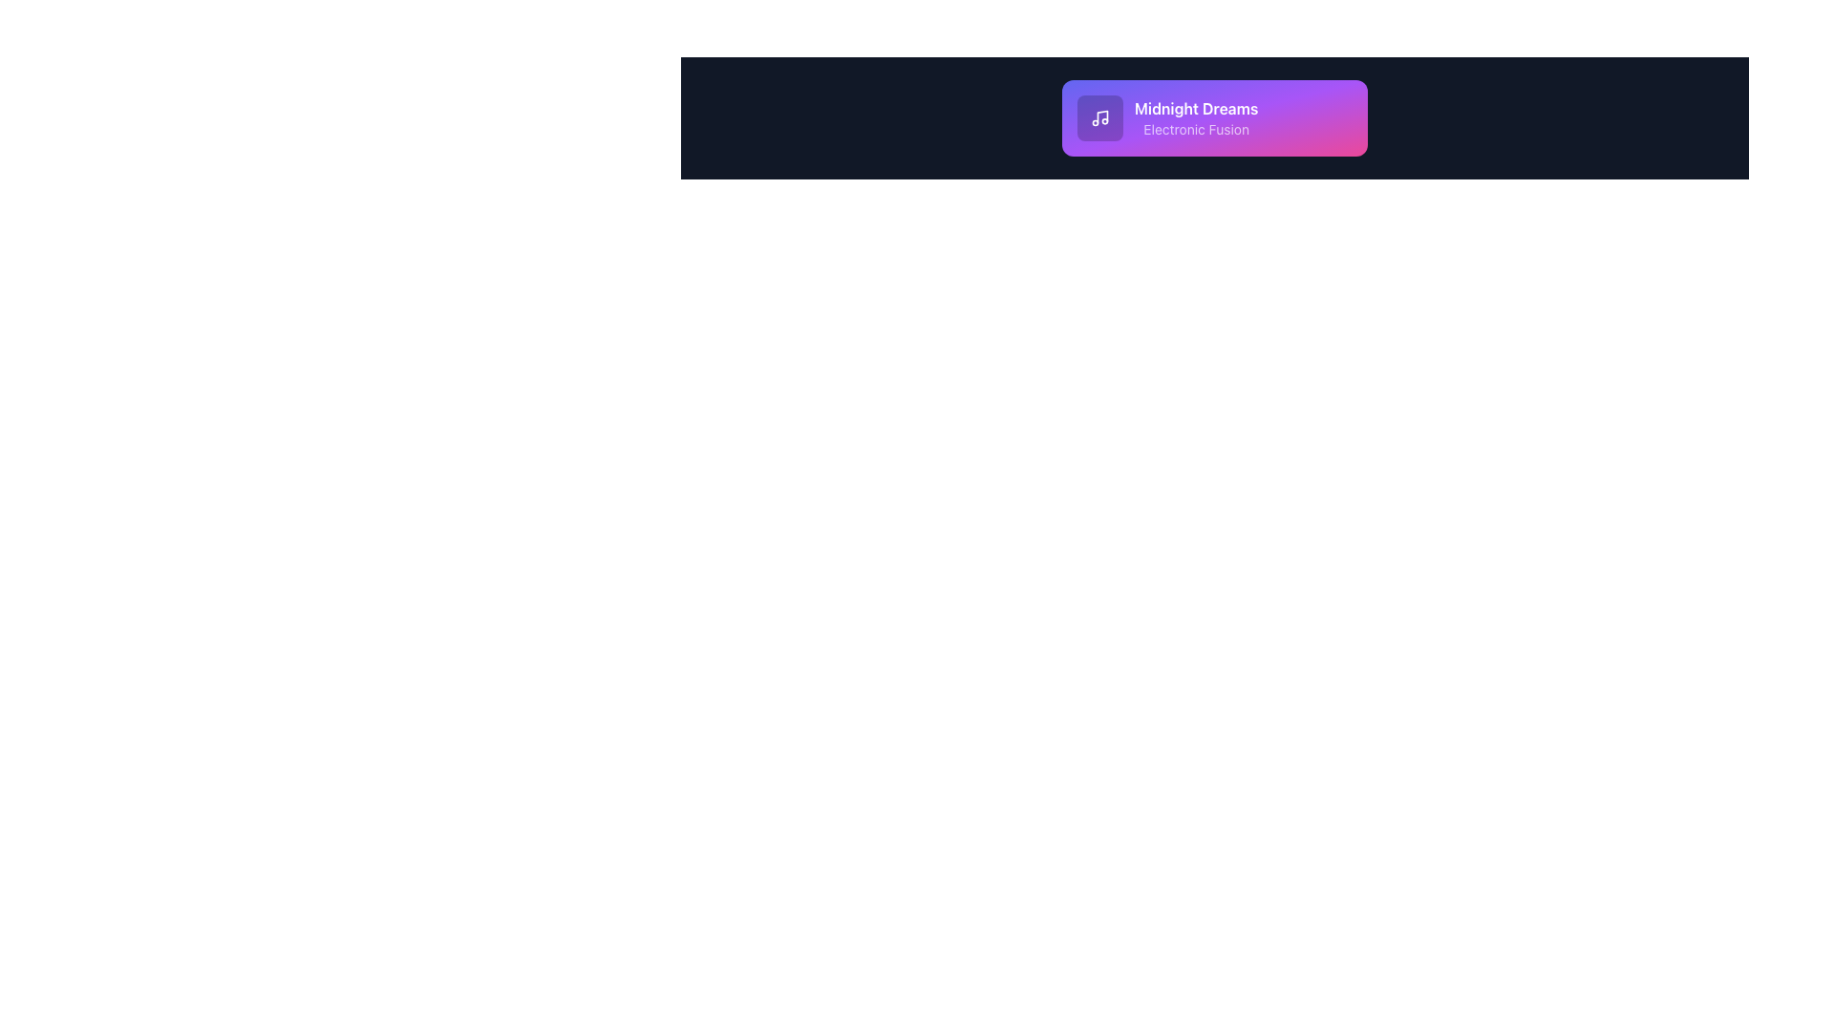  Describe the element at coordinates (1214, 117) in the screenshot. I see `the text block labeled 'Midnight Dreams' which indicates the name of a track or album along with its genre 'Electronic Fusion'` at that location.